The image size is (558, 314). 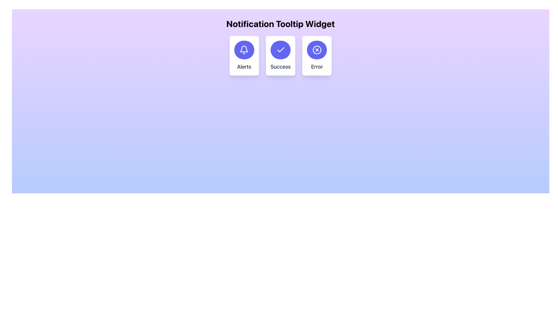 What do you see at coordinates (316, 50) in the screenshot?
I see `the 'Error' icon located at the center of the final card in a row of three cards` at bounding box center [316, 50].